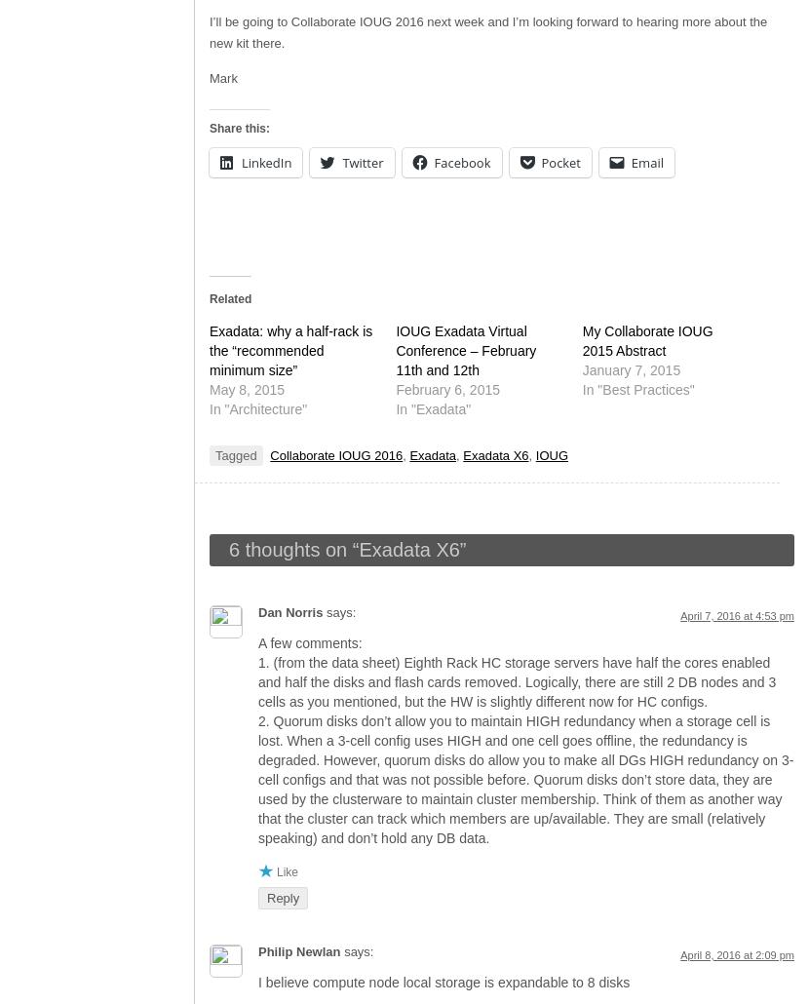 The height and width of the screenshot is (1004, 809). What do you see at coordinates (737, 953) in the screenshot?
I see `'April 8, 2016 at 2:09 pm'` at bounding box center [737, 953].